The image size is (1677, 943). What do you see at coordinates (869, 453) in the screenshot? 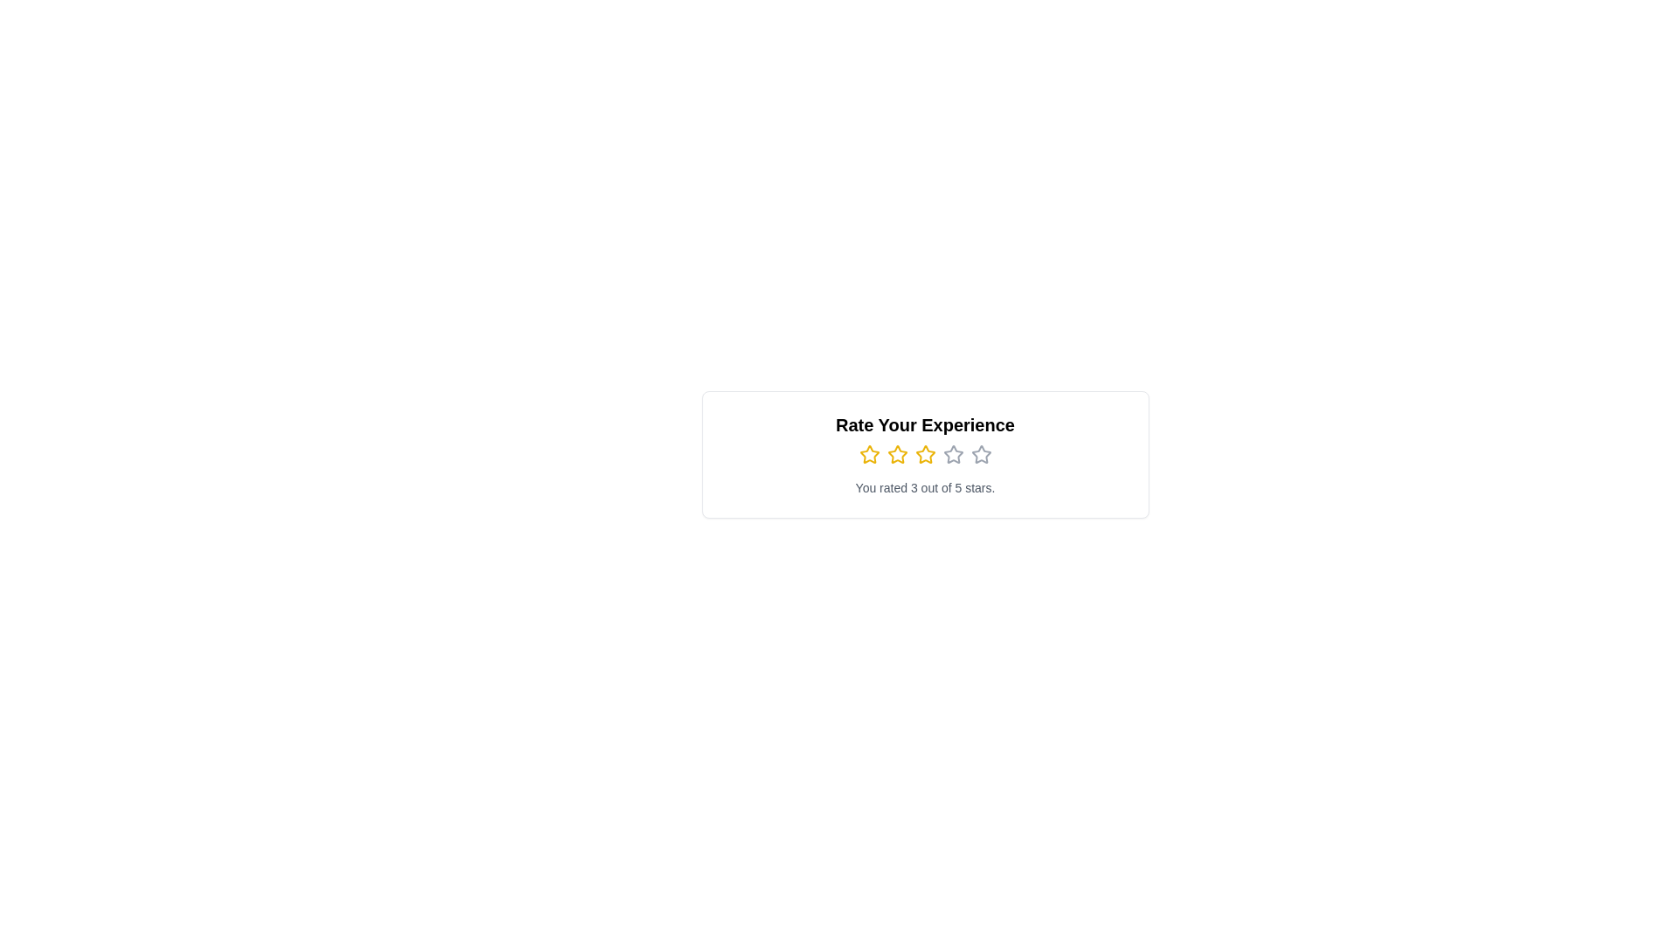
I see `the second star in the row of five rating stars` at bounding box center [869, 453].